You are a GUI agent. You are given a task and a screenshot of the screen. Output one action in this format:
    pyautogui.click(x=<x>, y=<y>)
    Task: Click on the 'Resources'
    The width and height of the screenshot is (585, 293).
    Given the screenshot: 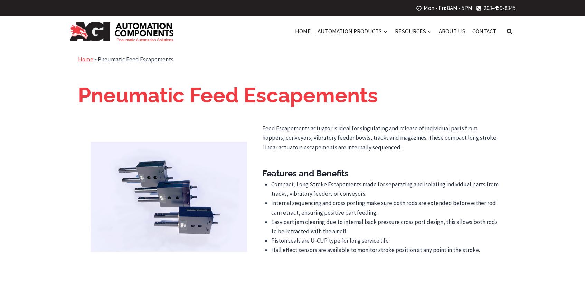 What is the action you would take?
    pyautogui.click(x=409, y=31)
    